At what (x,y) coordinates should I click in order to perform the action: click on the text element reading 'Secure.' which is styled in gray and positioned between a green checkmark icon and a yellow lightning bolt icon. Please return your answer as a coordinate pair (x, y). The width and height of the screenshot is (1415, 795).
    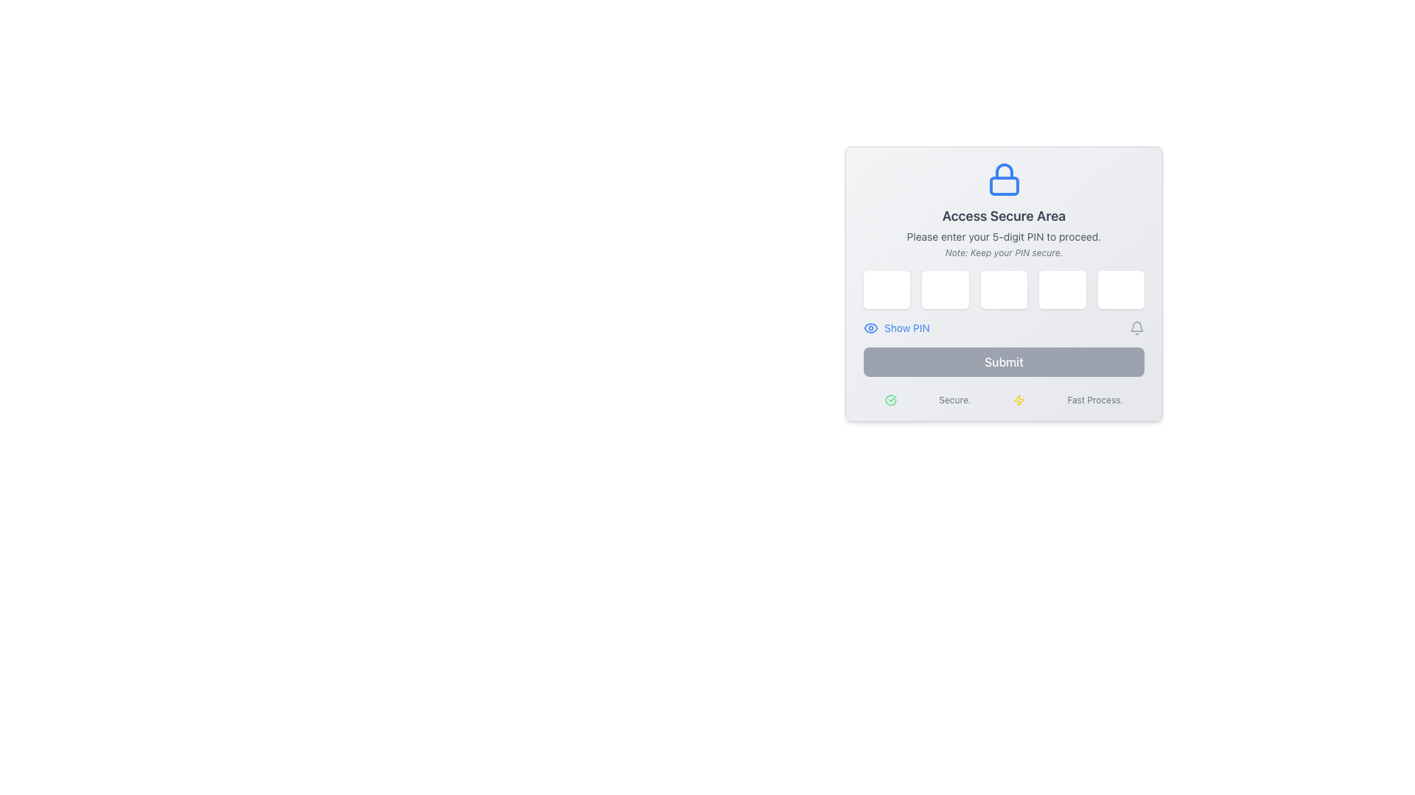
    Looking at the image, I should click on (954, 400).